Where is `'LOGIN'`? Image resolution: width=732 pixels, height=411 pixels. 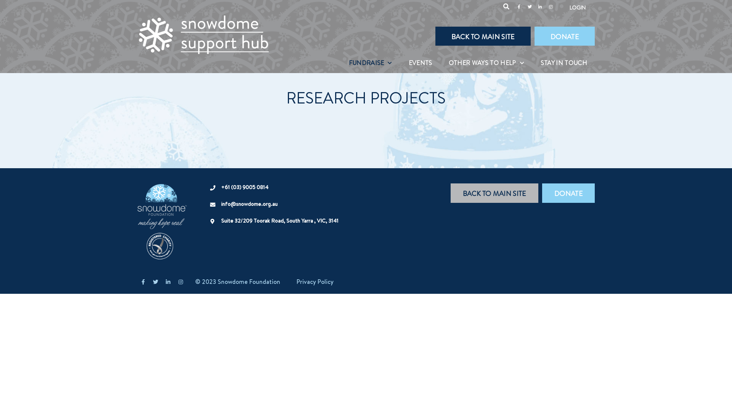
'LOGIN' is located at coordinates (578, 7).